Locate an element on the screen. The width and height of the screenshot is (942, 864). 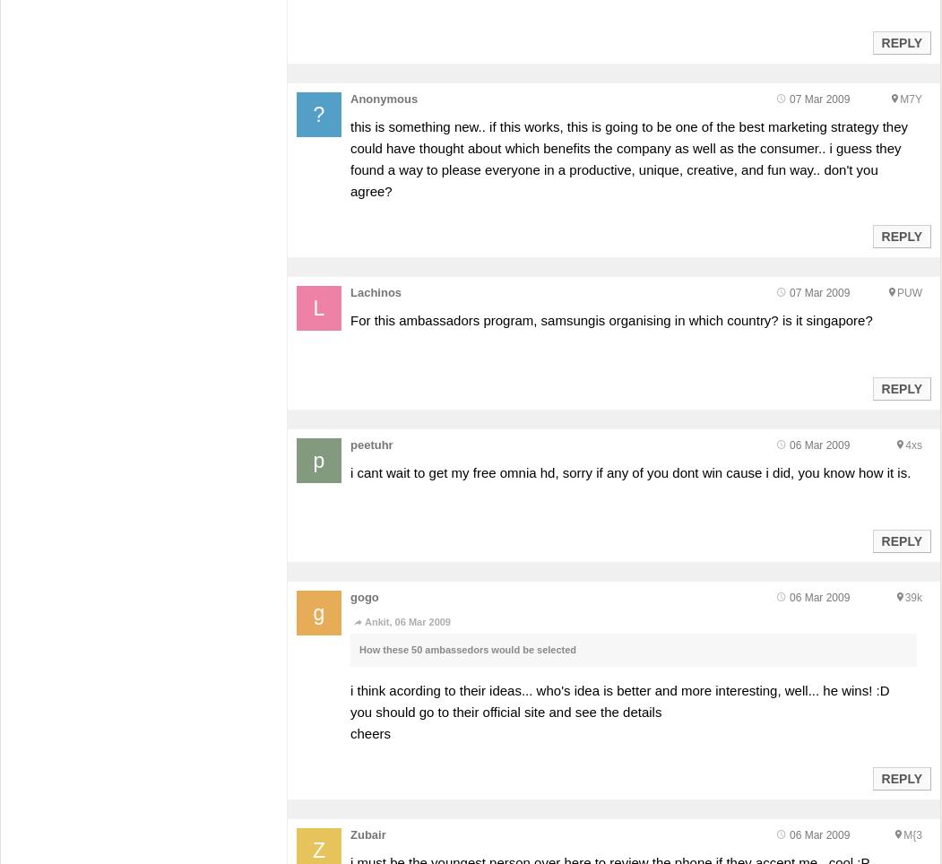
'this is something new.. if this works, this is going to be one of the best marketing strategy they could have thought about which benefits the company as well as the consumer.. i guess they found a way to please everyone in a productive, unique, creative, and fun way.. don't you agree?' is located at coordinates (627, 158).